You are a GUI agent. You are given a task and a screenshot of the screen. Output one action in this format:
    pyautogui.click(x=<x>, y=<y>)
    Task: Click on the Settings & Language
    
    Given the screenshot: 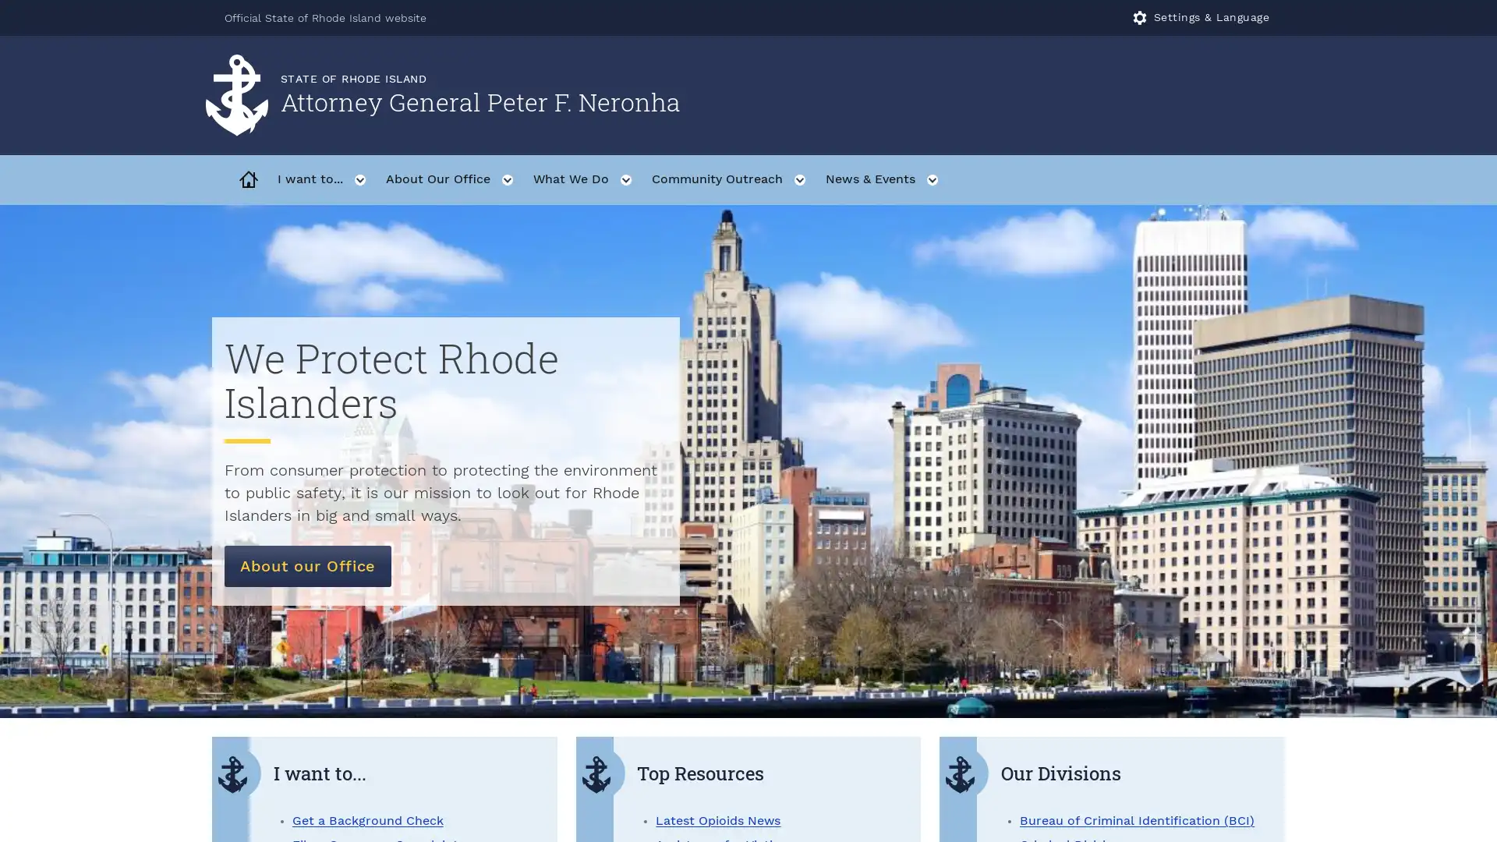 What is the action you would take?
    pyautogui.click(x=1201, y=18)
    